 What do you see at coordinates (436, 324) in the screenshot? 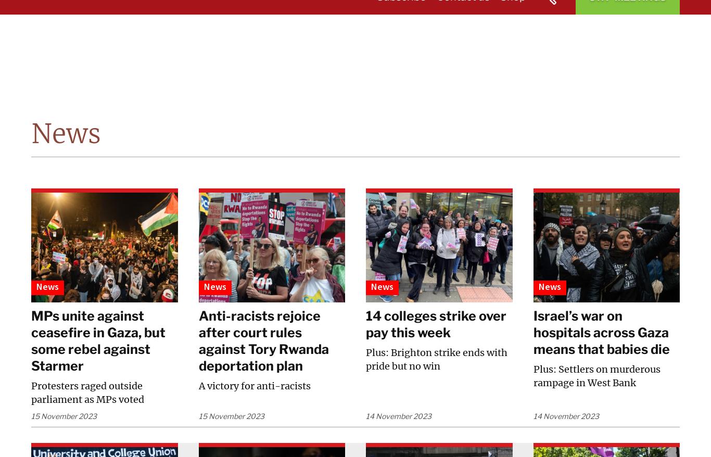
I see `'14 colleges strike over pay this week'` at bounding box center [436, 324].